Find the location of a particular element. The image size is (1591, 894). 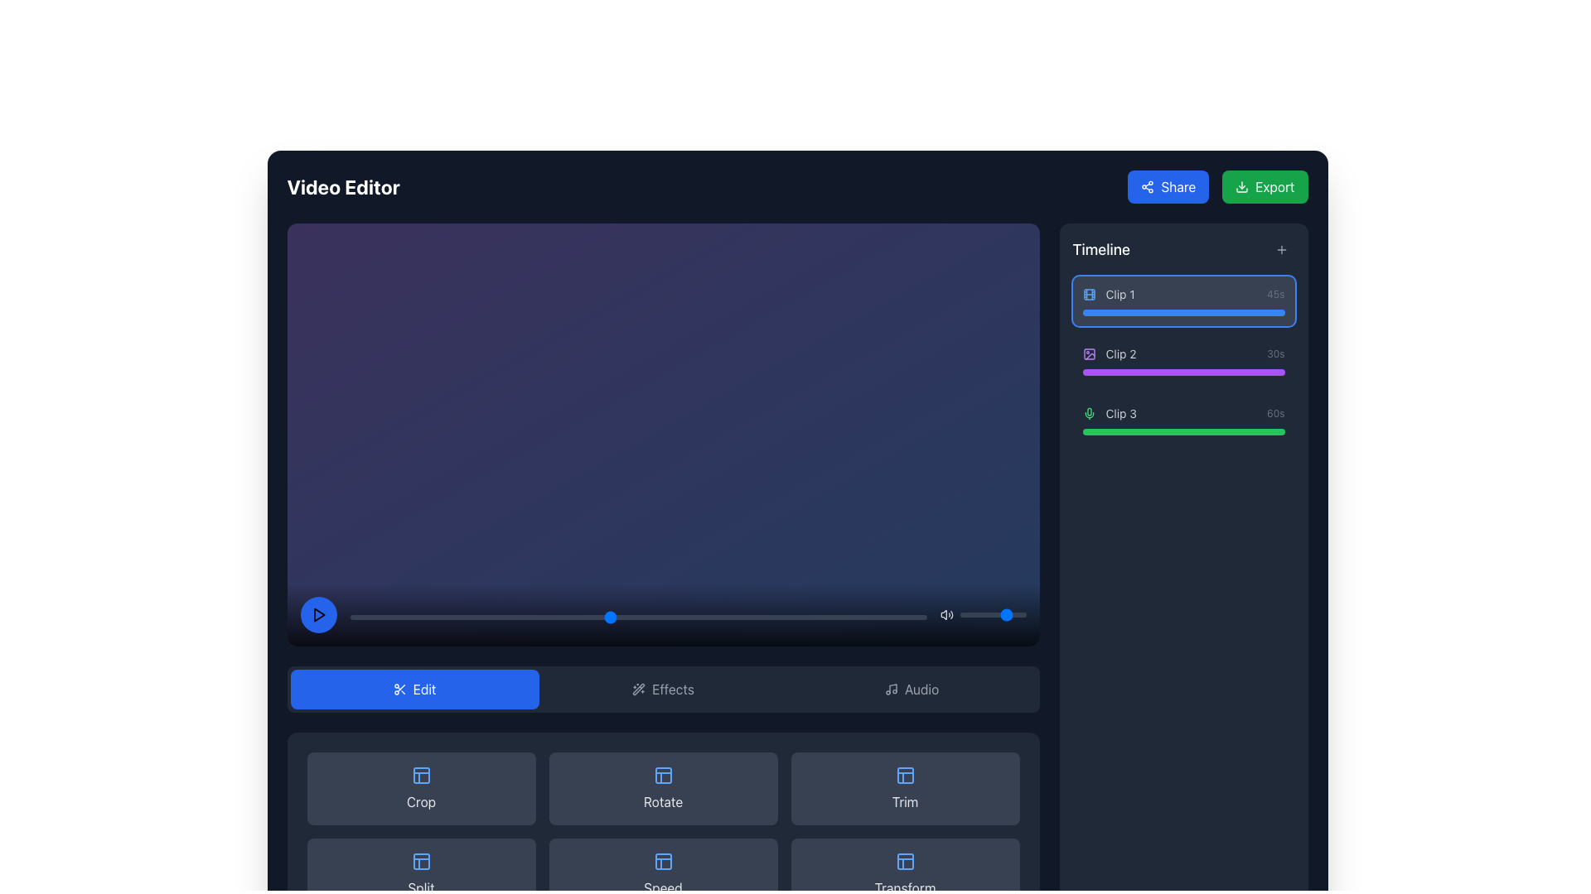

the 'share' action icon, which is depicted in white on a blue button background, located in the upper-right corner of the interface next to a green 'Export' button is located at coordinates (1147, 186).